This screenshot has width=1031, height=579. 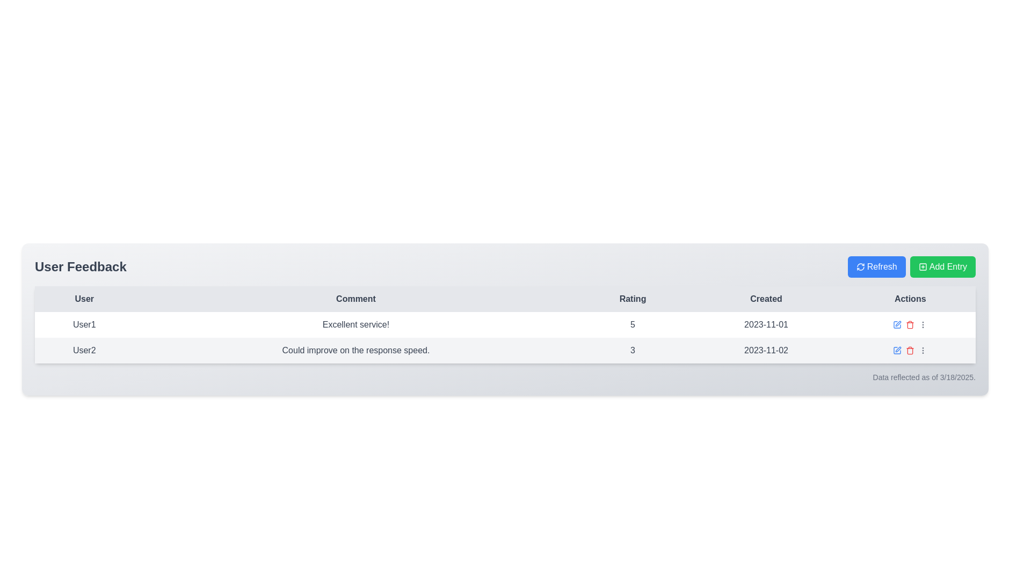 I want to click on the text label displaying 'User1', which is located in the first row of a table under the 'User' column header, so click(x=84, y=324).